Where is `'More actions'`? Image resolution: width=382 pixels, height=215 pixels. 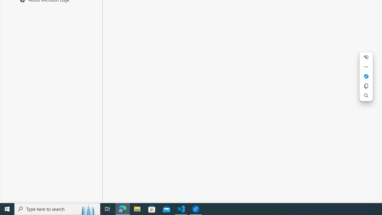
'More actions' is located at coordinates (366, 67).